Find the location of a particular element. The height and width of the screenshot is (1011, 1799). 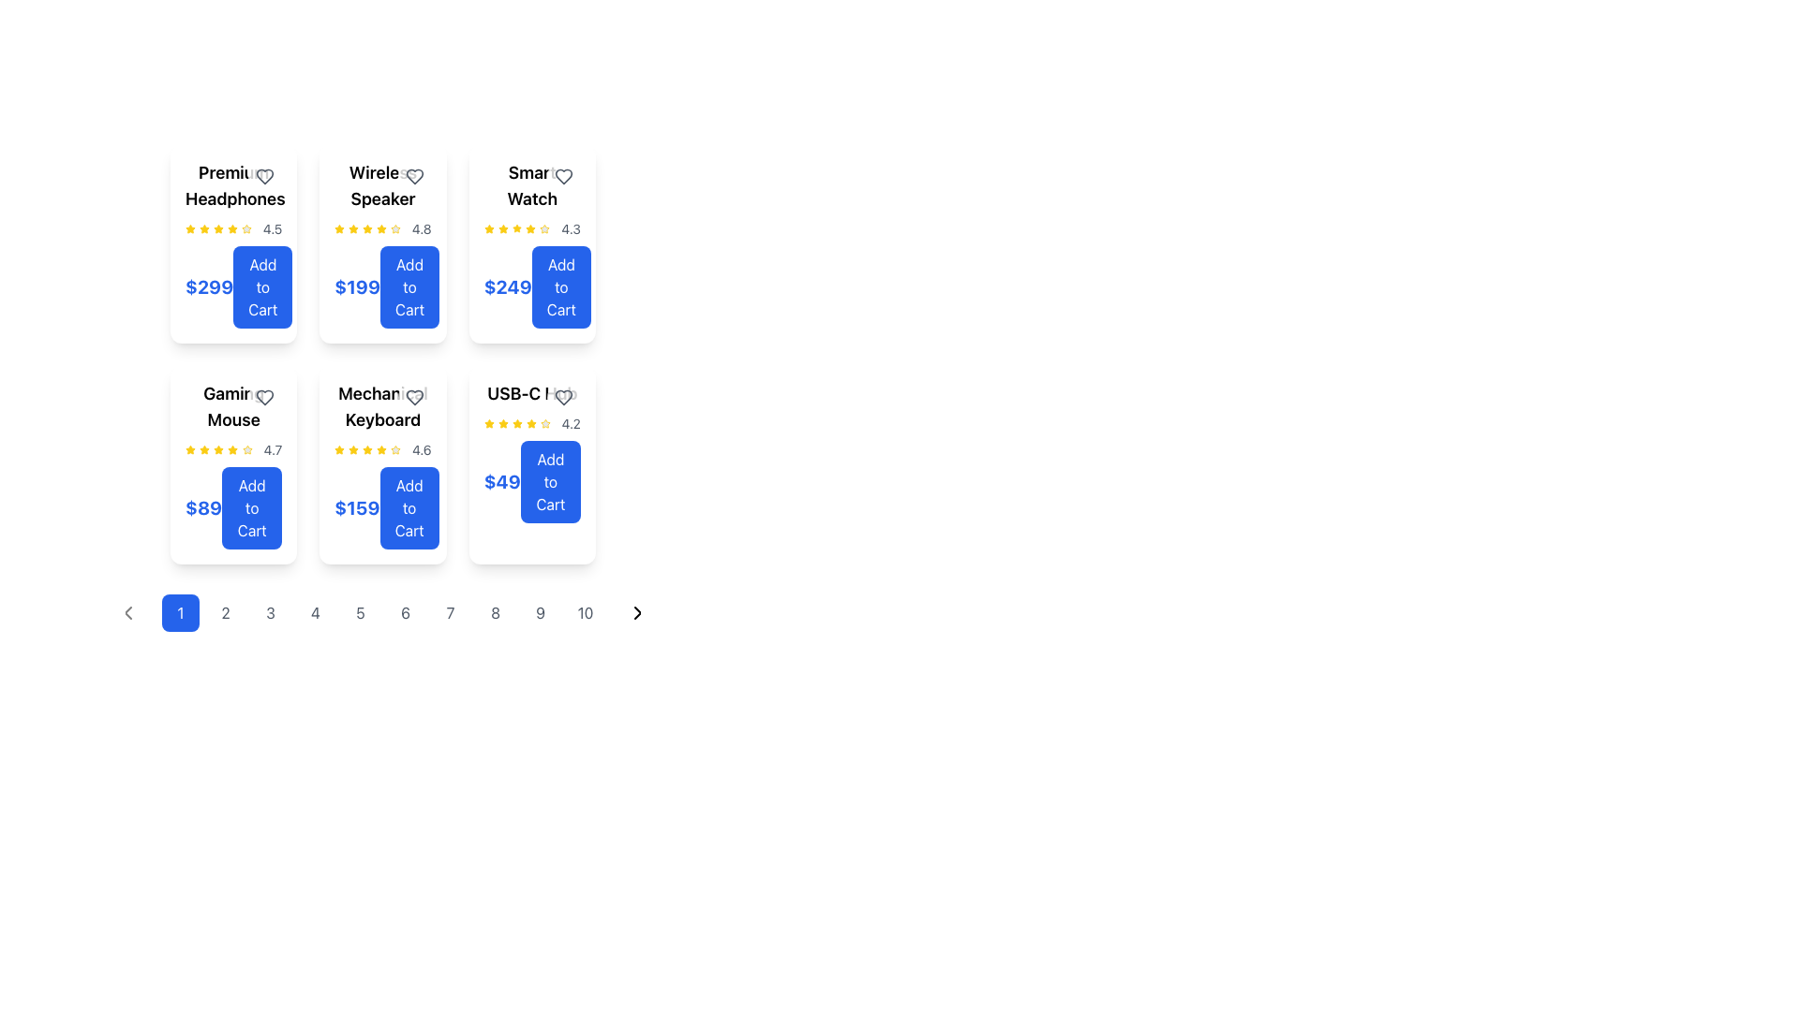

the third star icon in the rating section for the 'USB-C Hub' product, which is visually represented as part of a rating system is located at coordinates (503, 423).